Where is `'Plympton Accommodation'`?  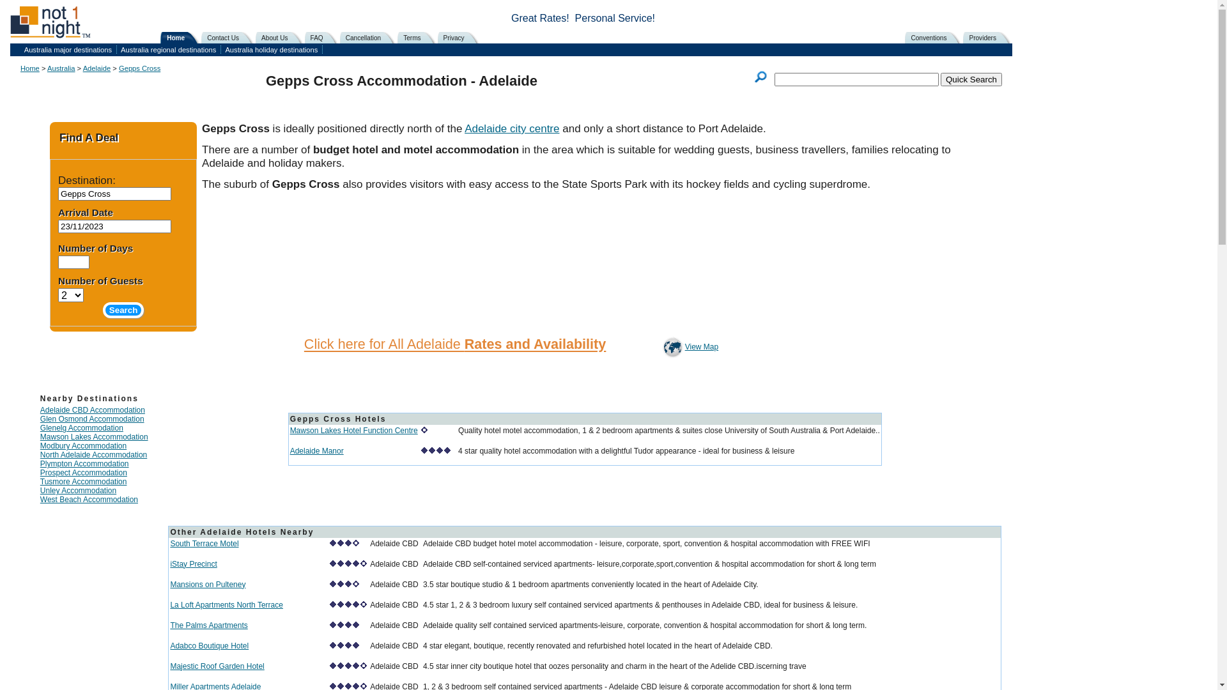
'Plympton Accommodation' is located at coordinates (40, 463).